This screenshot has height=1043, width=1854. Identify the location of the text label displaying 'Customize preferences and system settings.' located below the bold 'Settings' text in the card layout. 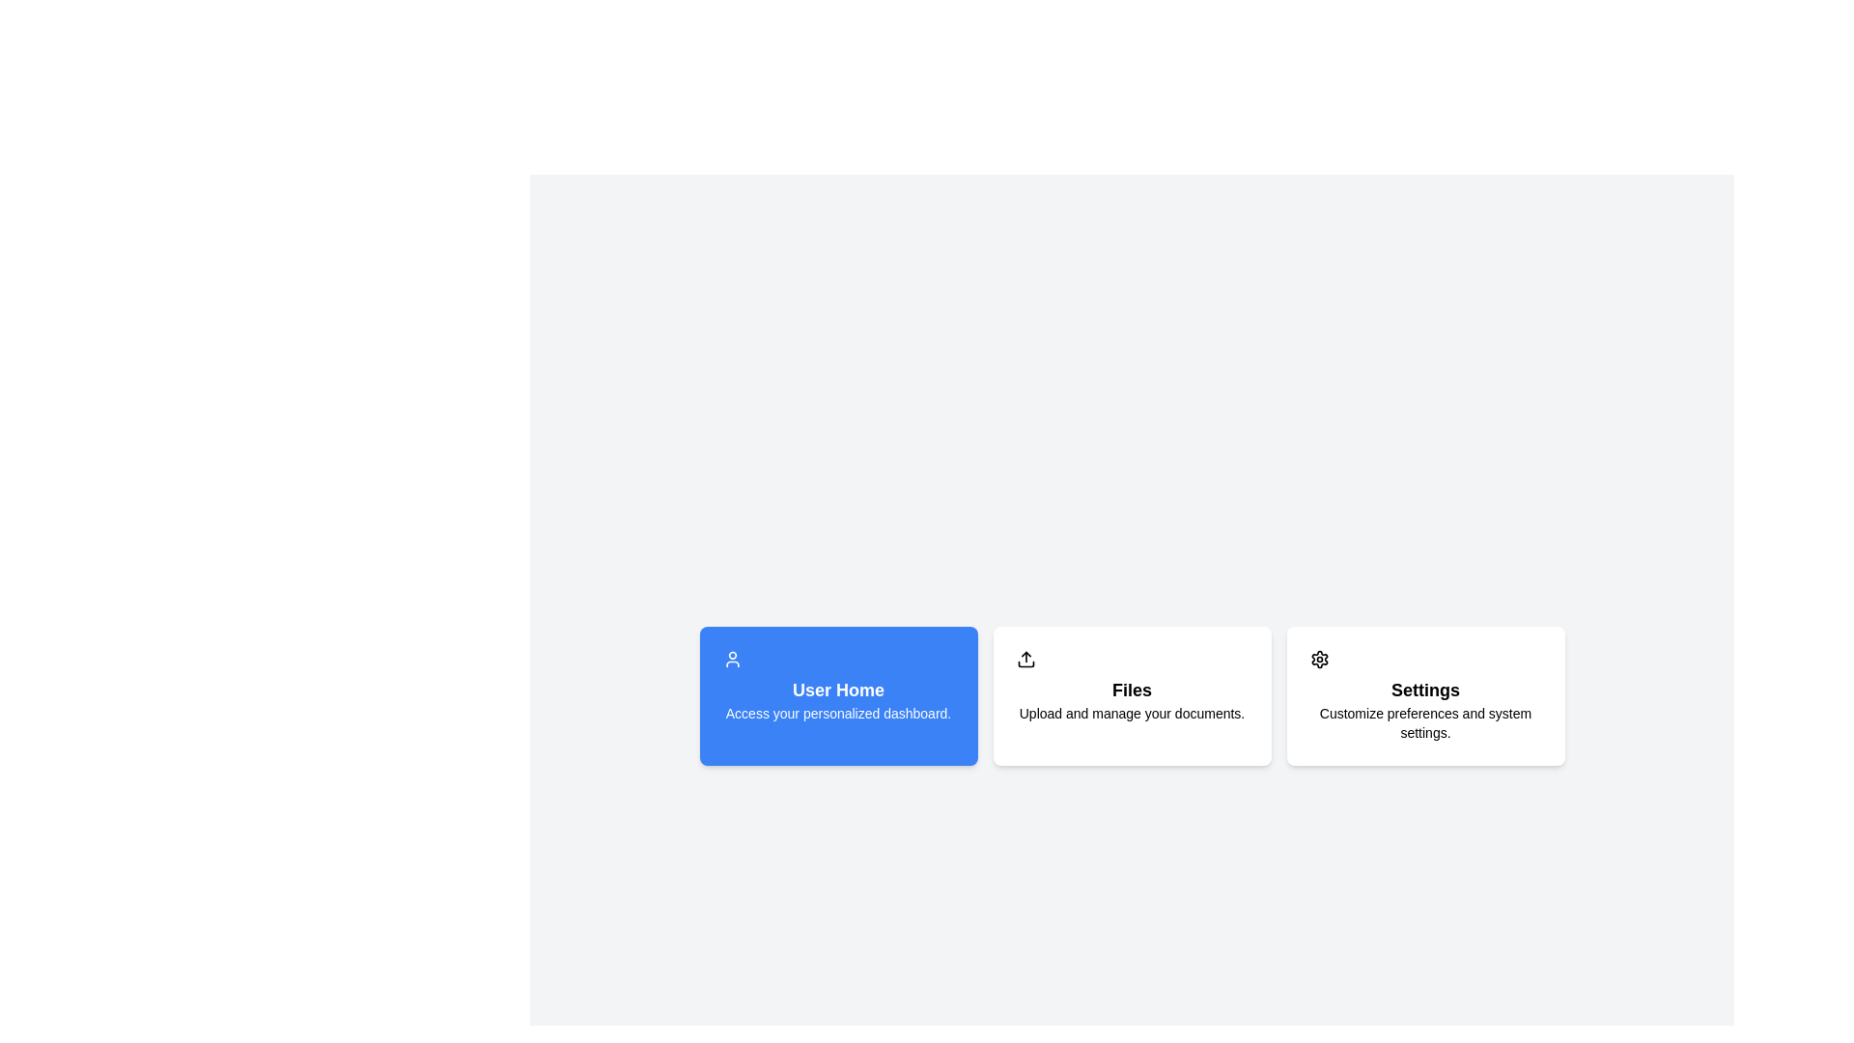
(1425, 722).